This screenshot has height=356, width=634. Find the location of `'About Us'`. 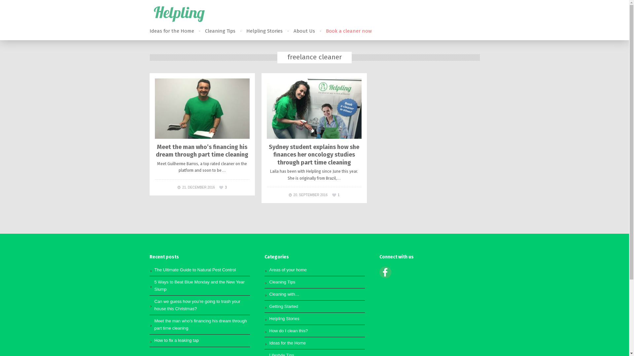

'About Us' is located at coordinates (303, 31).